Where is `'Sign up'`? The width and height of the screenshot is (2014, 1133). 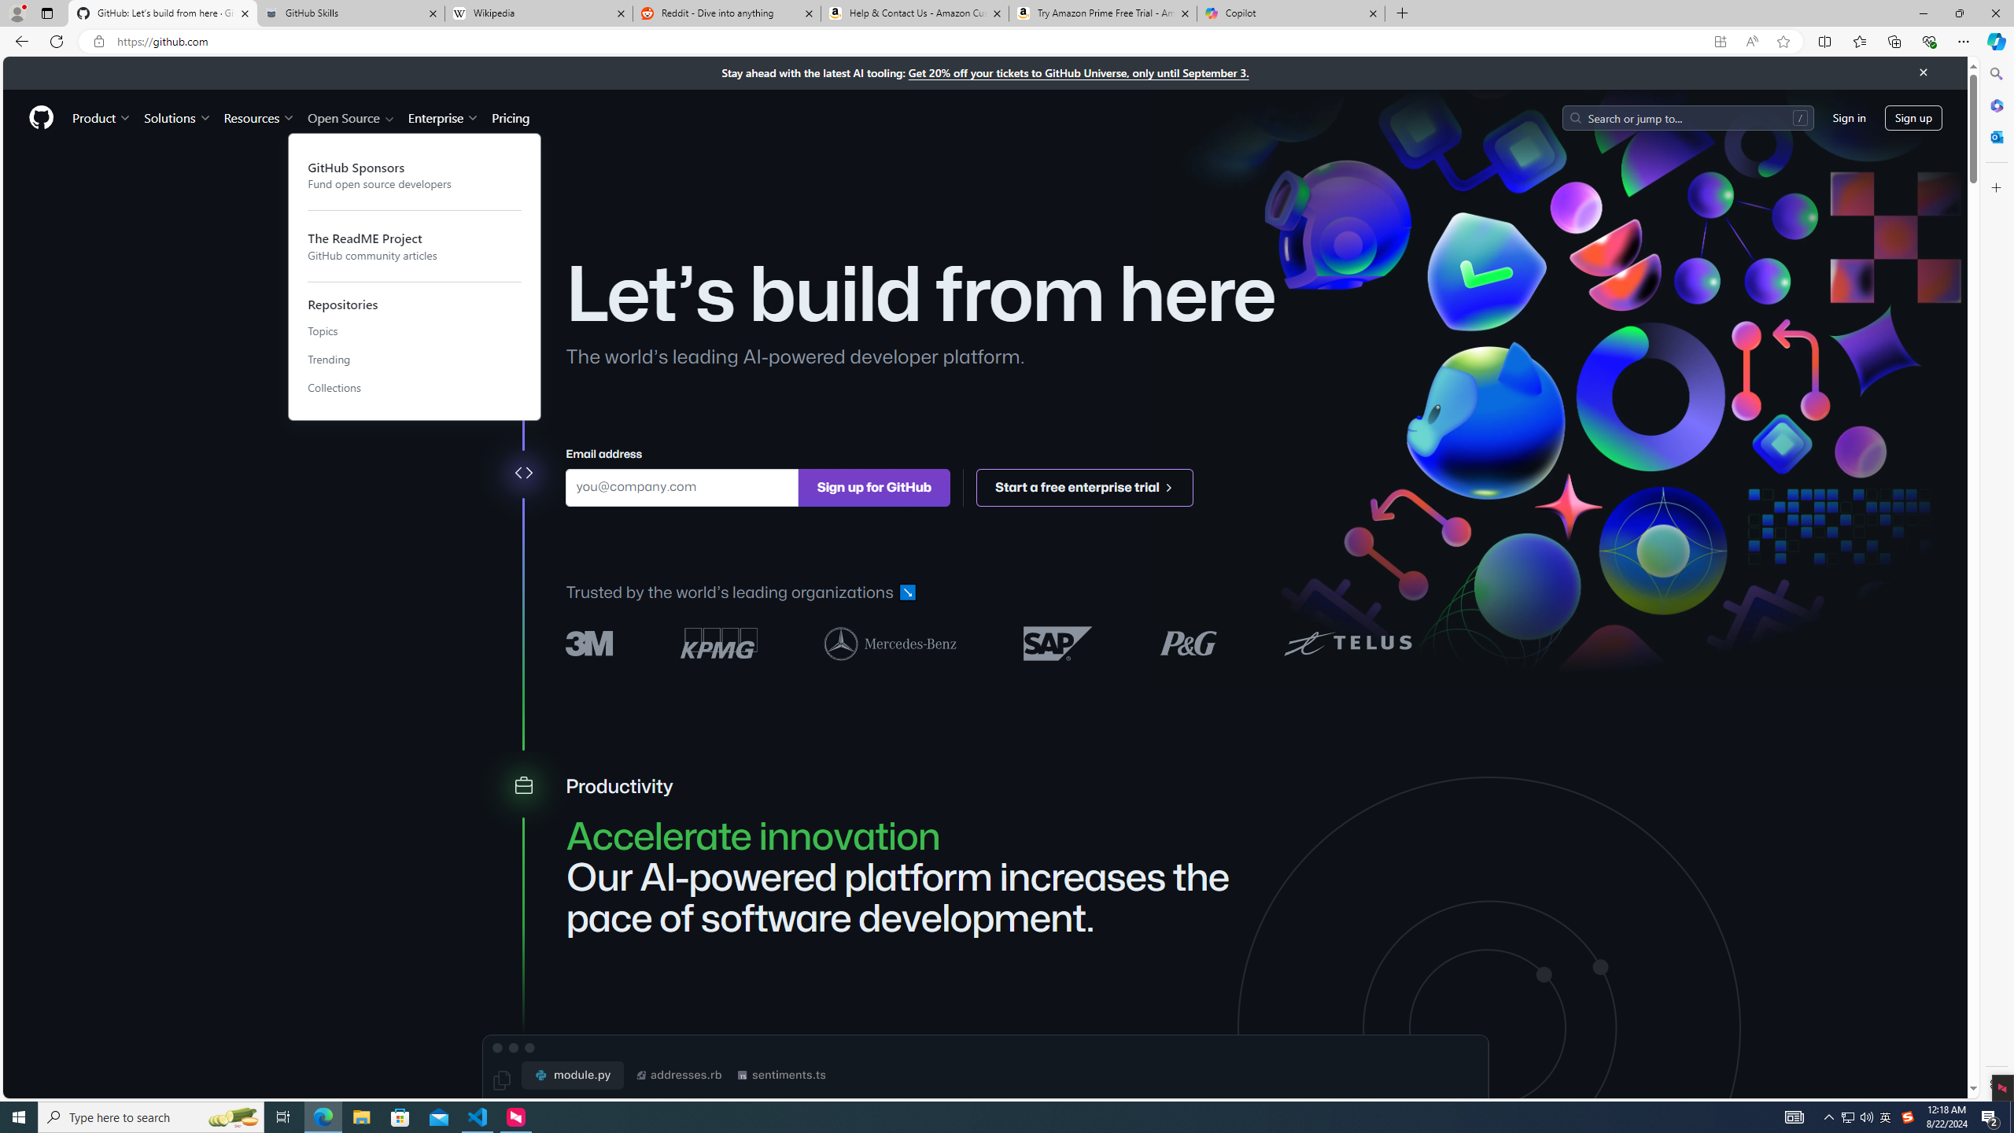
'Sign up' is located at coordinates (1913, 117).